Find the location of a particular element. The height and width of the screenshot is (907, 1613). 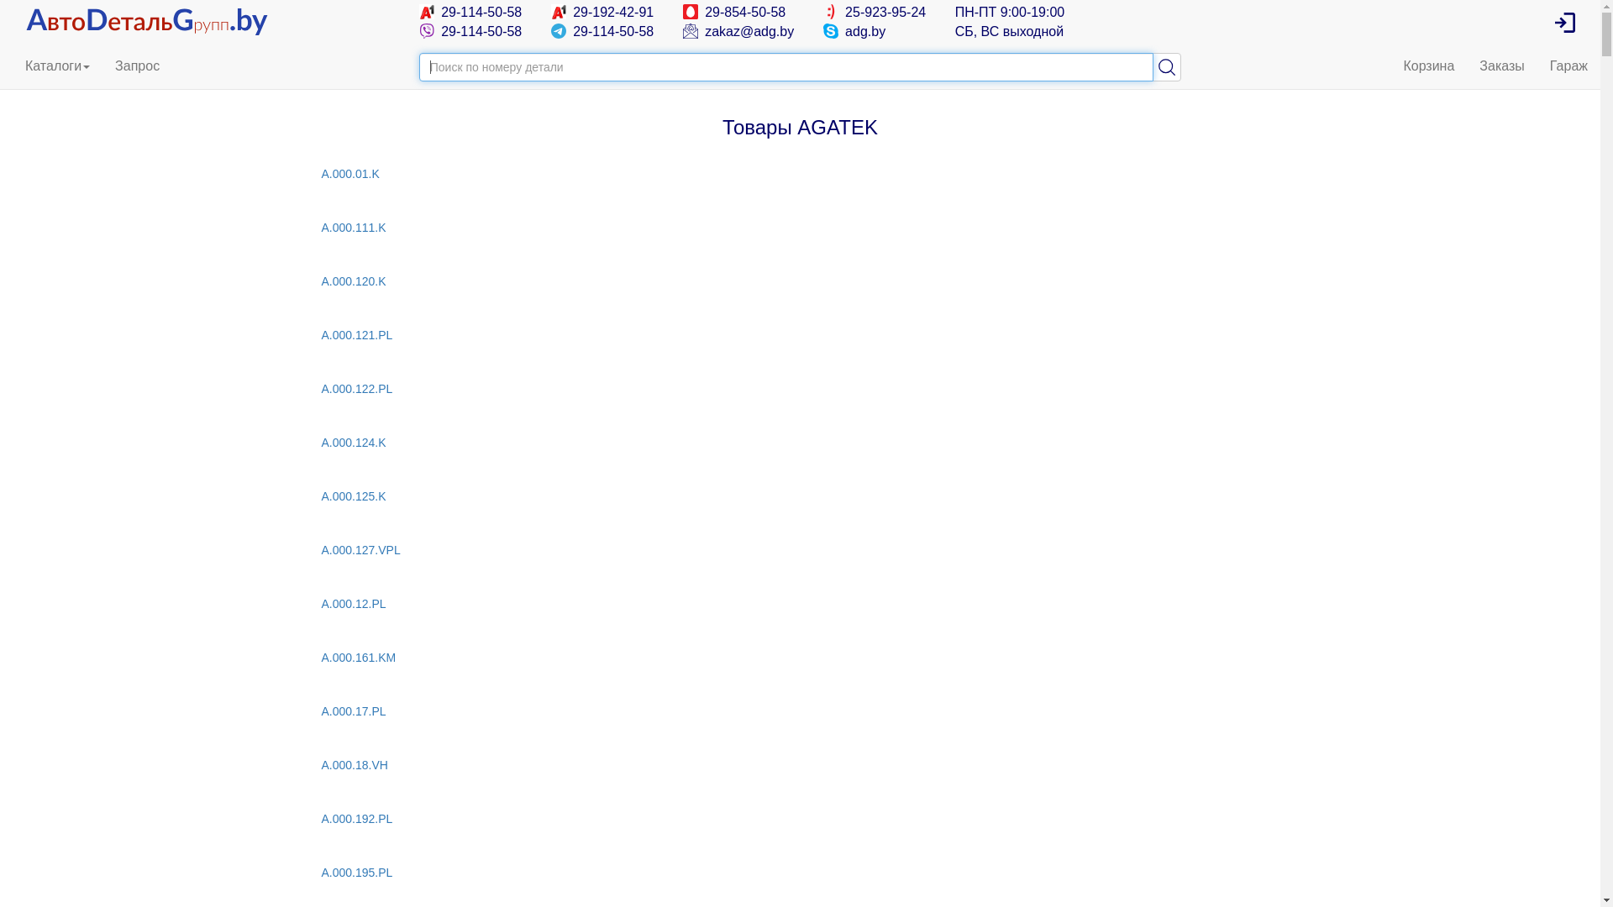

'A.000.18.VH' is located at coordinates (798, 764).